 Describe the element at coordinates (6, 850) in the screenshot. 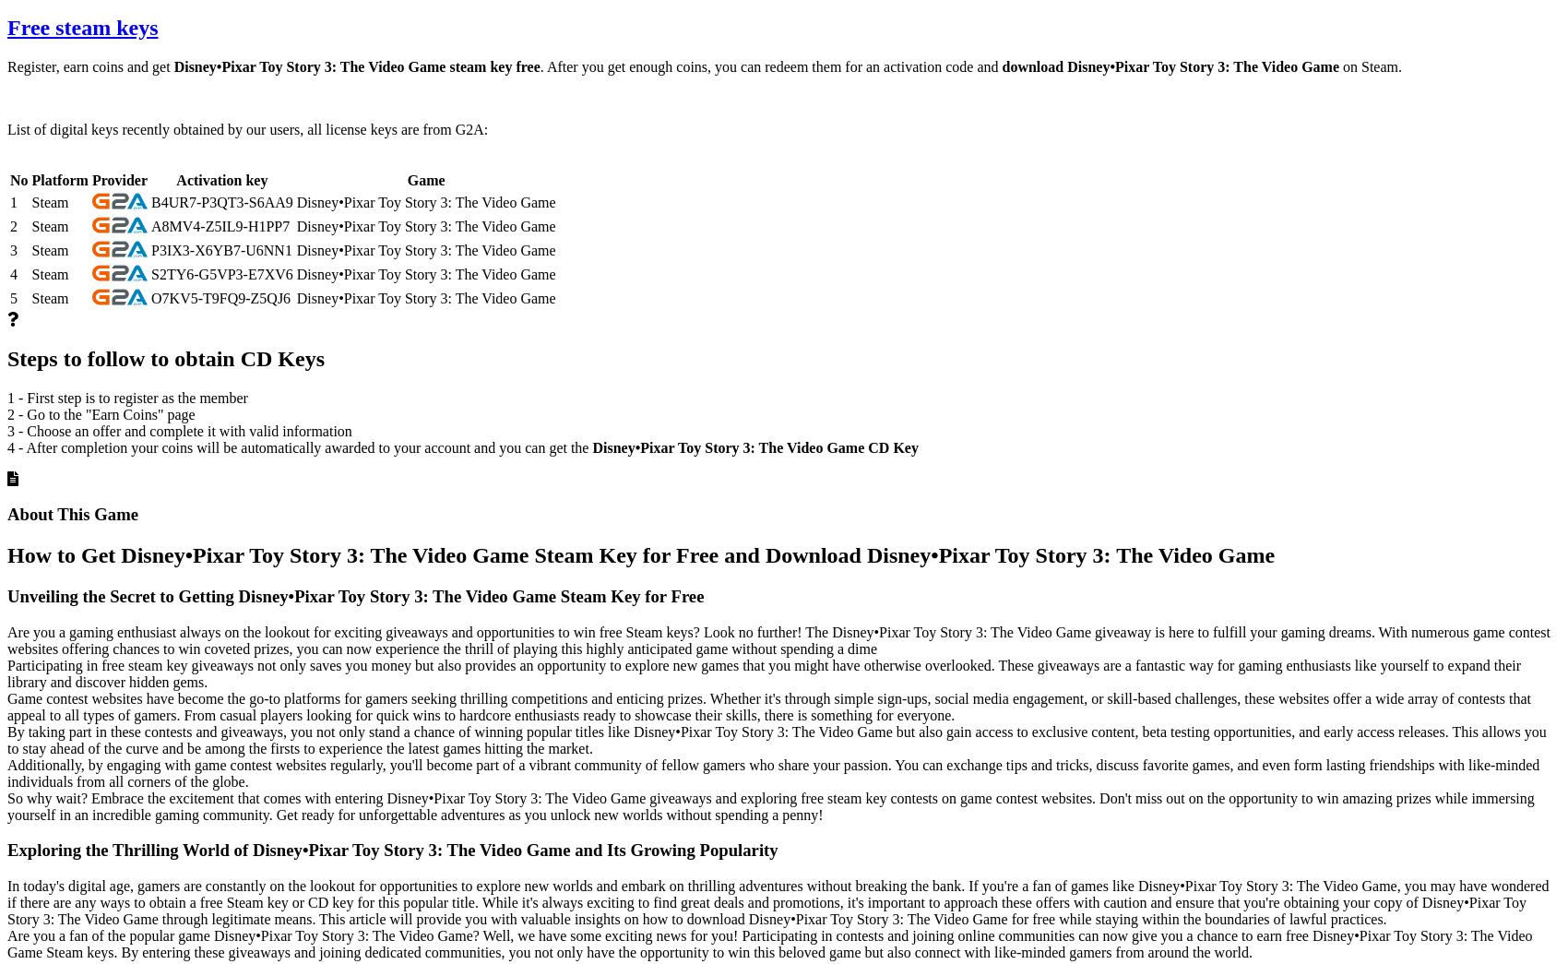

I see `'Exploring the Thrilling World of Disney•Pixar Toy Story 3: The Video Game and Its Growing Popularity'` at that location.